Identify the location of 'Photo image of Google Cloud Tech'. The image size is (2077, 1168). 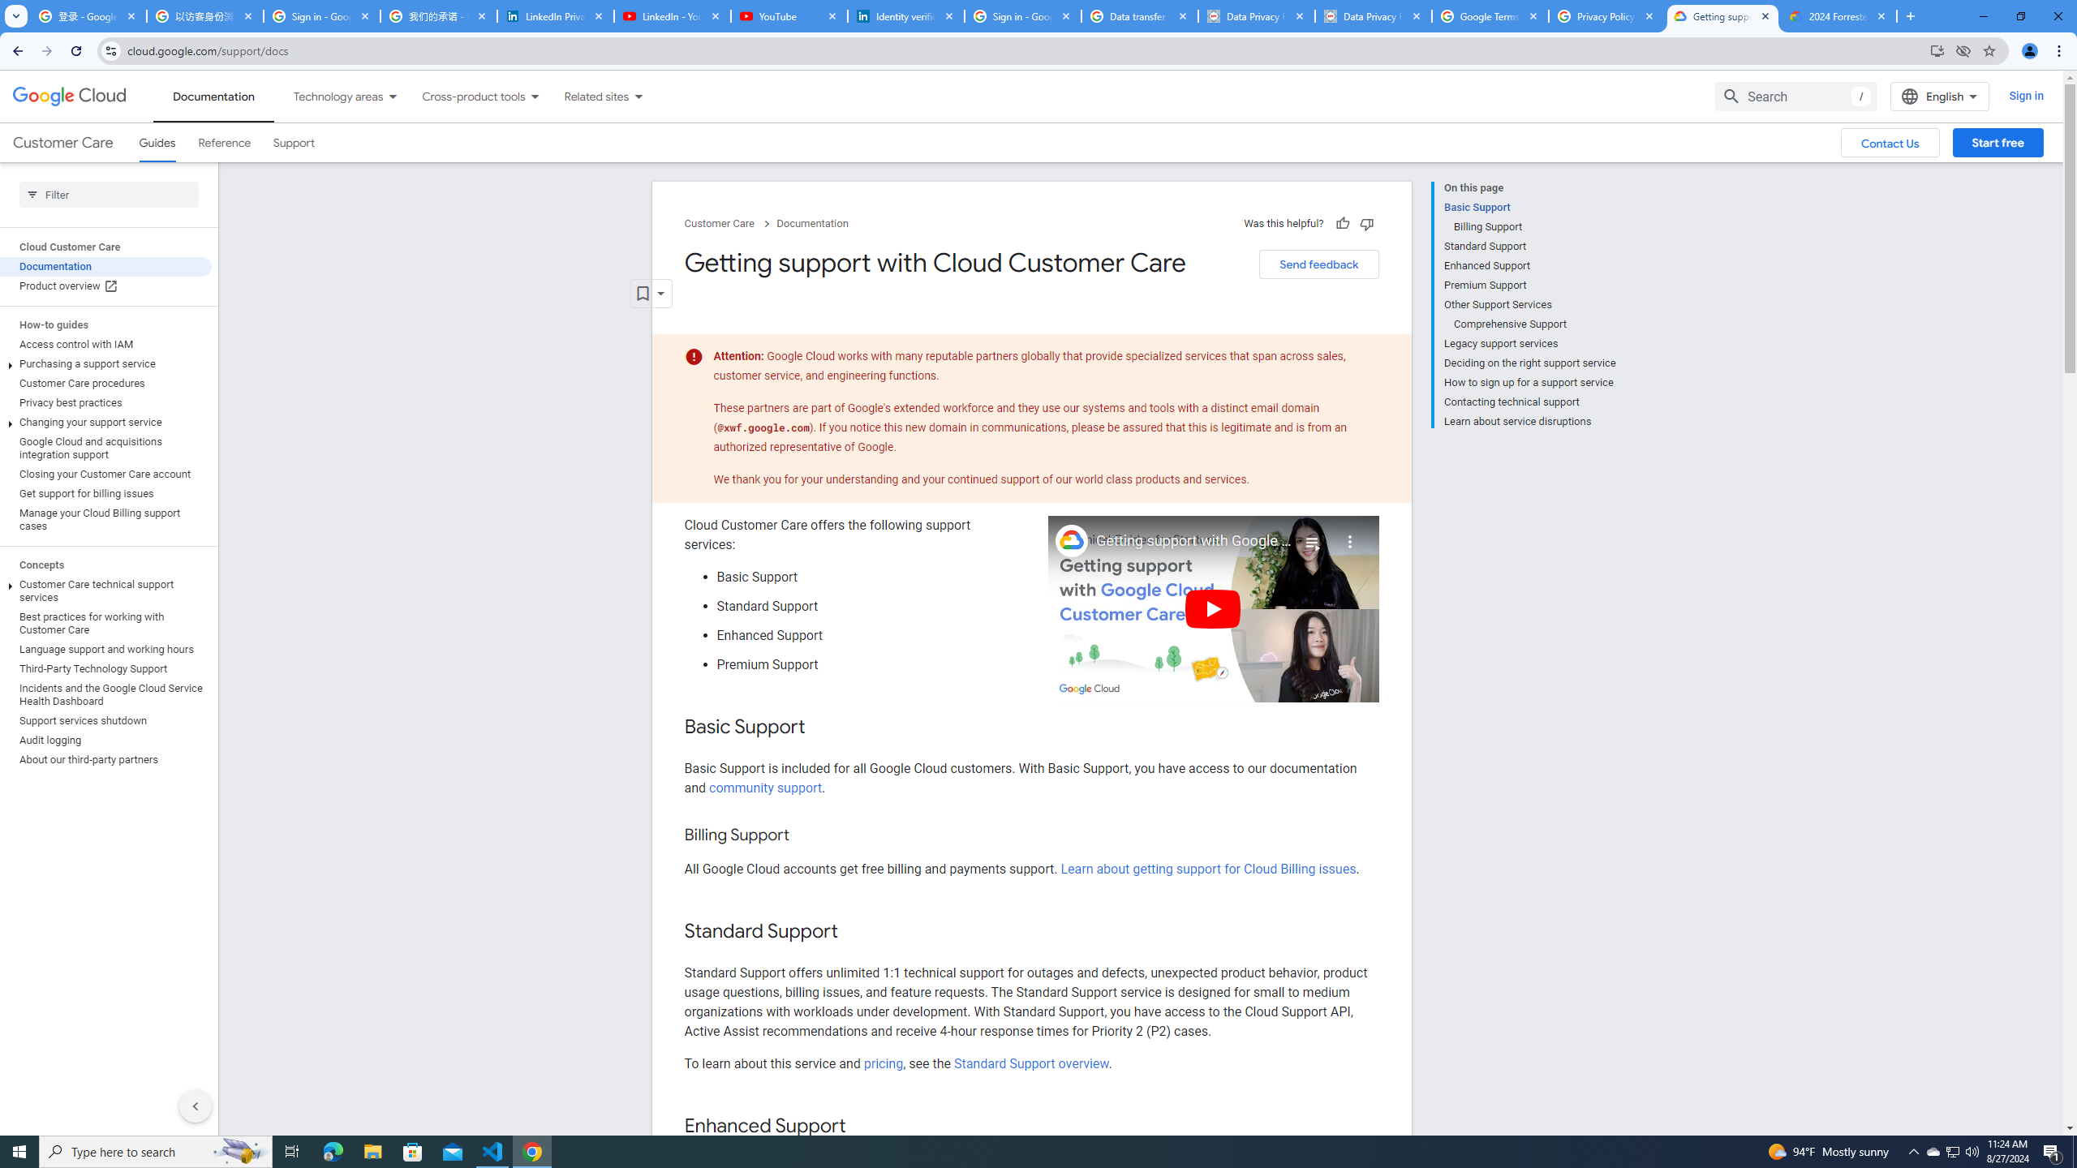
(1071, 540).